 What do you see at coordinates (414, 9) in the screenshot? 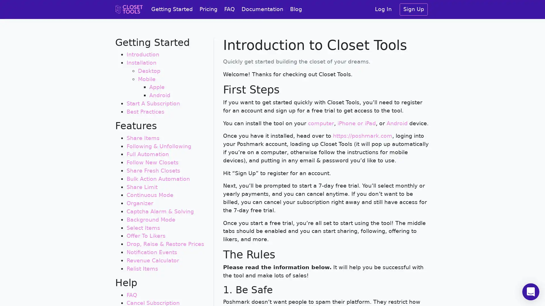
I see `Sign Up` at bounding box center [414, 9].